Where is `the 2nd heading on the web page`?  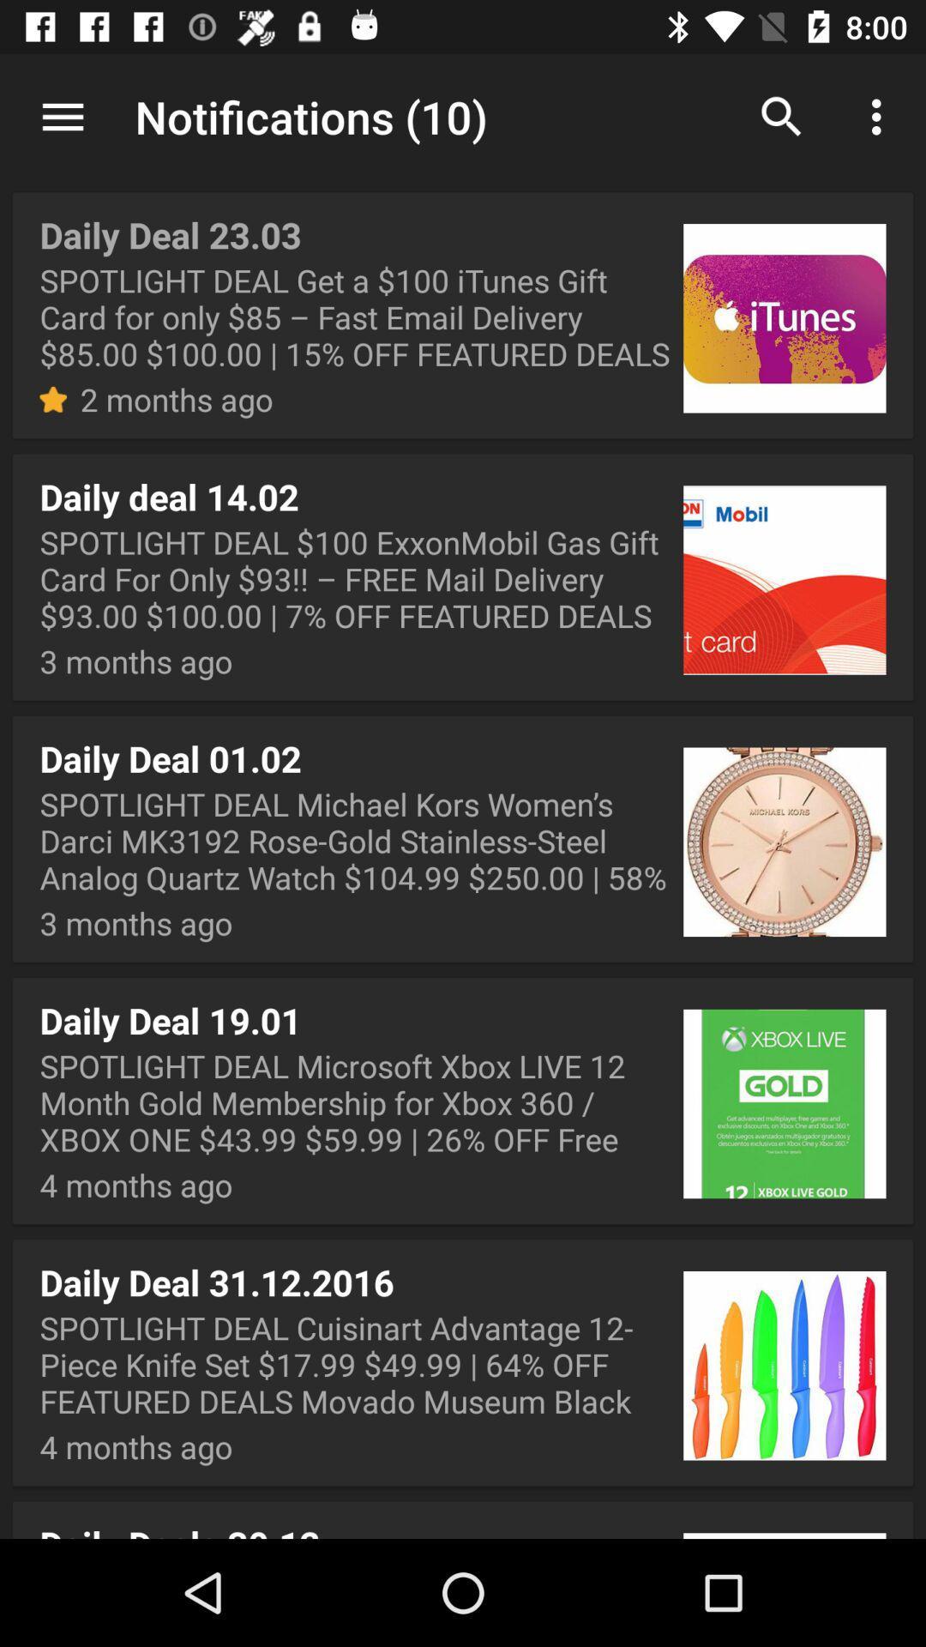 the 2nd heading on the web page is located at coordinates (463, 577).